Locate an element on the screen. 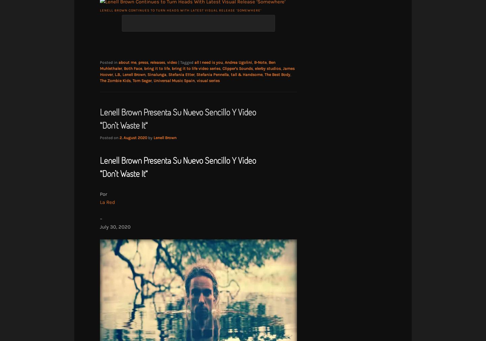 Image resolution: width=486 pixels, height=341 pixels. 'L.B.' is located at coordinates (117, 74).